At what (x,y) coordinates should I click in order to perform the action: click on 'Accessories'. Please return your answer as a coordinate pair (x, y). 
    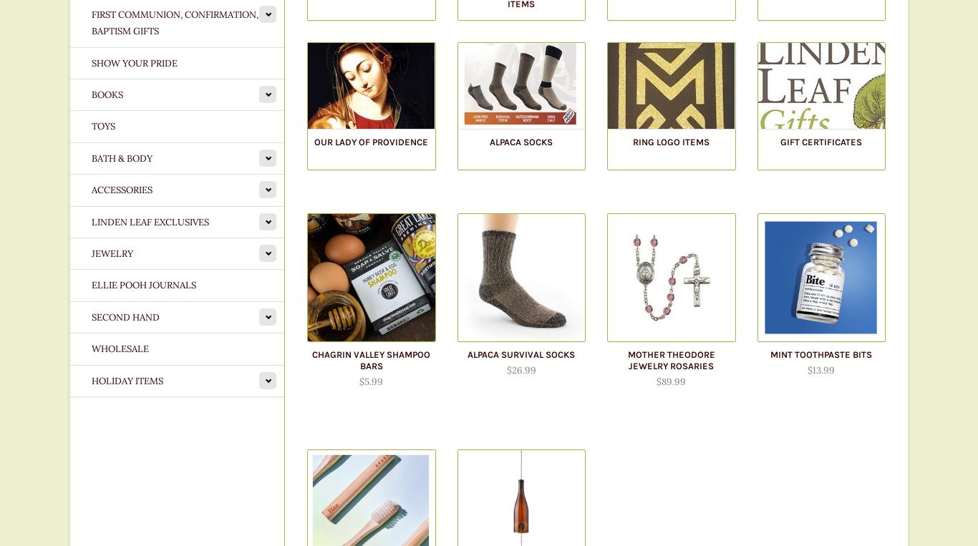
    Looking at the image, I should click on (121, 189).